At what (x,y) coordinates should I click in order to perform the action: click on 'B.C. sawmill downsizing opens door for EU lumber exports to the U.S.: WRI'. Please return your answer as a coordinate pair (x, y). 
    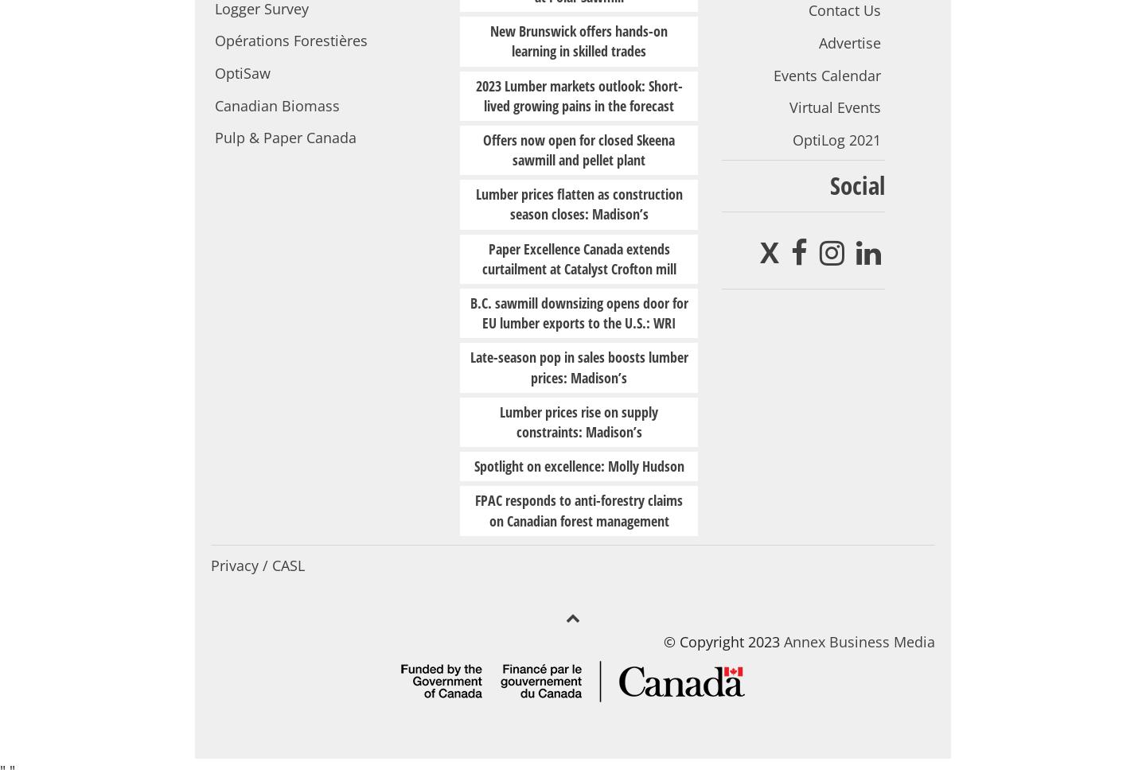
    Looking at the image, I should click on (578, 313).